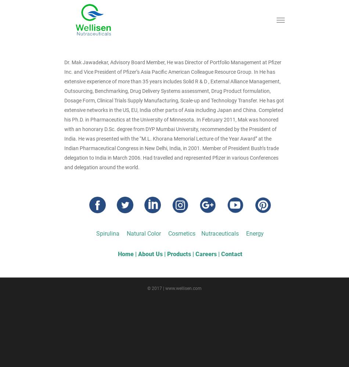 The width and height of the screenshot is (349, 367). Describe the element at coordinates (174, 288) in the screenshot. I see `'© 2017 | www.wellisen.com'` at that location.